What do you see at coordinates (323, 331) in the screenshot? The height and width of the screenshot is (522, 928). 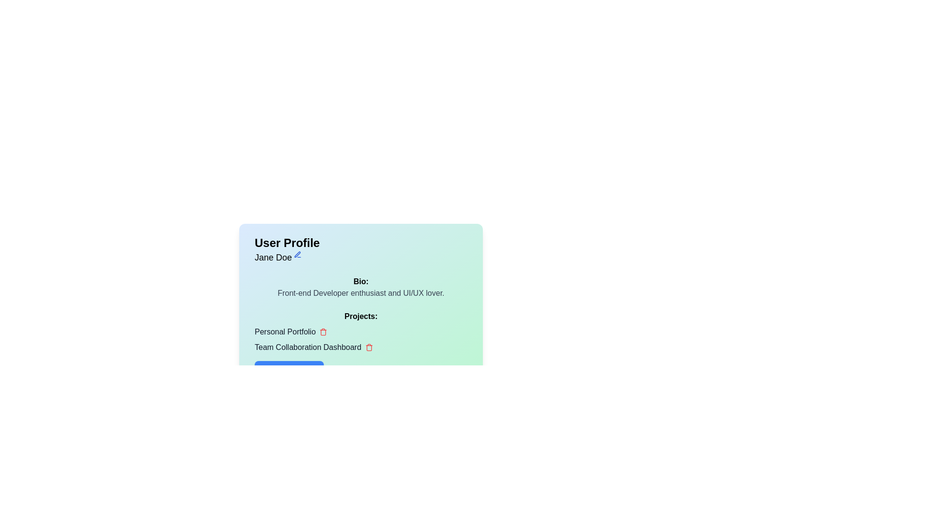 I see `the delete icon button associated with the 'Personal Portfolio' project in the 'Projects' section of the user profile interface` at bounding box center [323, 331].